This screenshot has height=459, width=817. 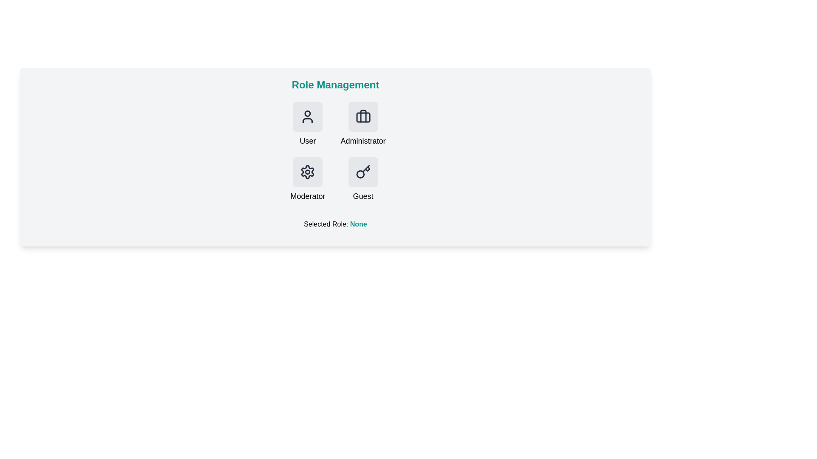 What do you see at coordinates (307, 116) in the screenshot?
I see `the user icon, which resembles a simplified human profile with a dark color on a light gray rounded square background` at bounding box center [307, 116].